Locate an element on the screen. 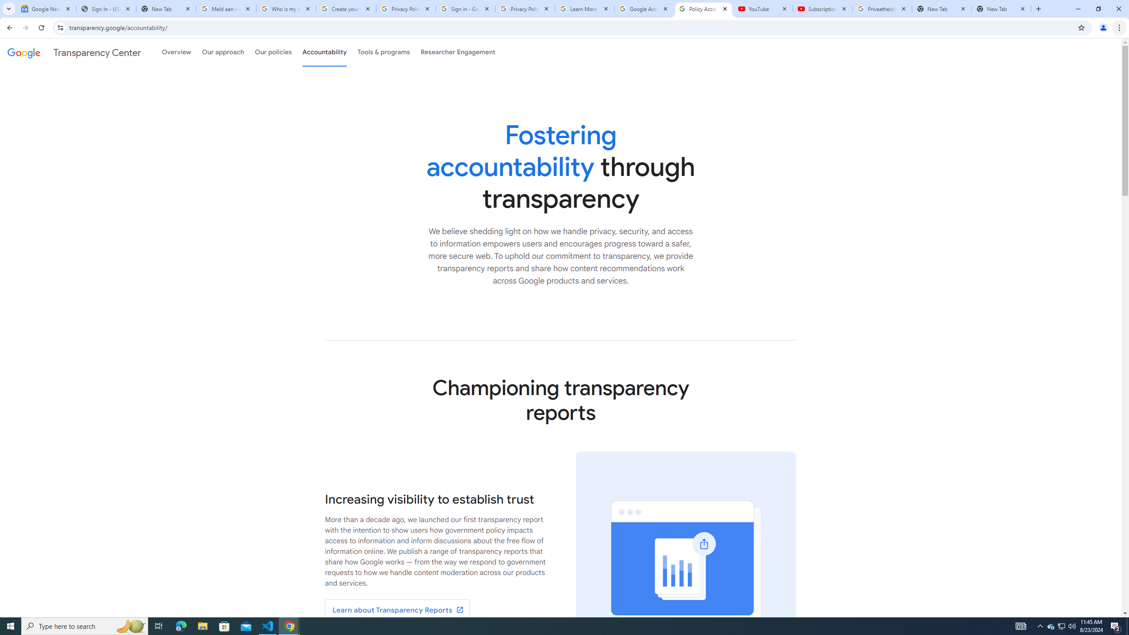 This screenshot has height=635, width=1129. 'New Tab' is located at coordinates (1001, 8).